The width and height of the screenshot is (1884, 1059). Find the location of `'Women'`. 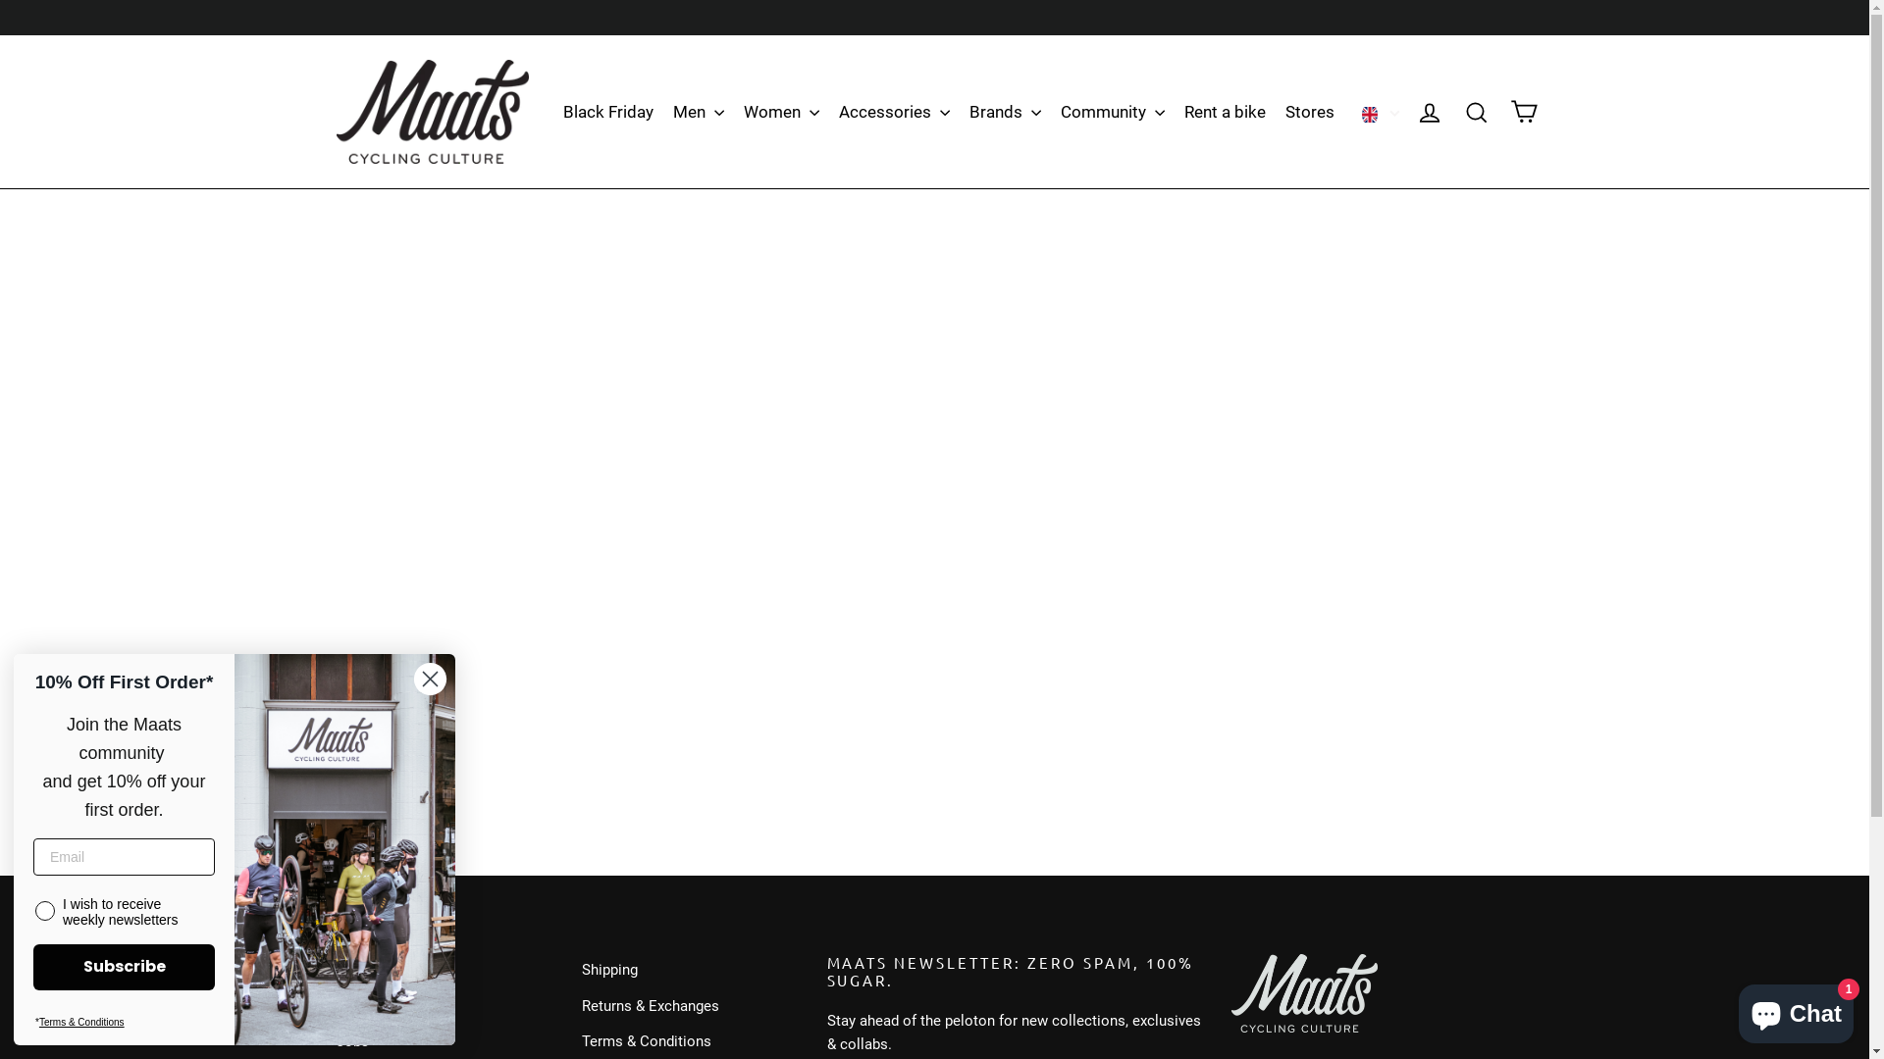

'Women' is located at coordinates (780, 112).